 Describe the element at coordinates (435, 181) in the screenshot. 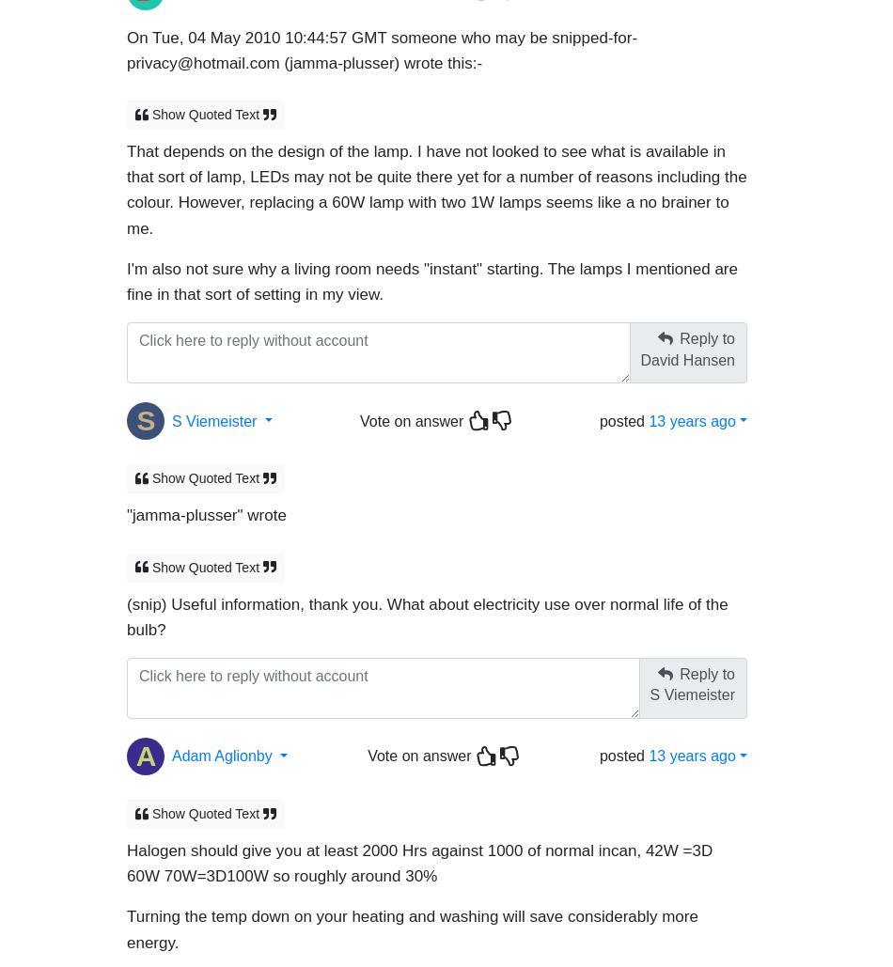

I see `'That depends on the design of the lamp. I have not looked to see what is available in that sort of lamp, LEDs may not be quite there yet for a number of reasons including the colour. However, replacing a 60W lamp with two 1W lamps seems like a no brainer to me.'` at that location.